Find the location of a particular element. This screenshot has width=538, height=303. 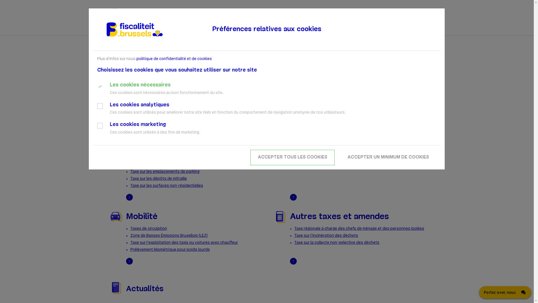

'Taxe sur les emplacements de parking' is located at coordinates (130, 171).